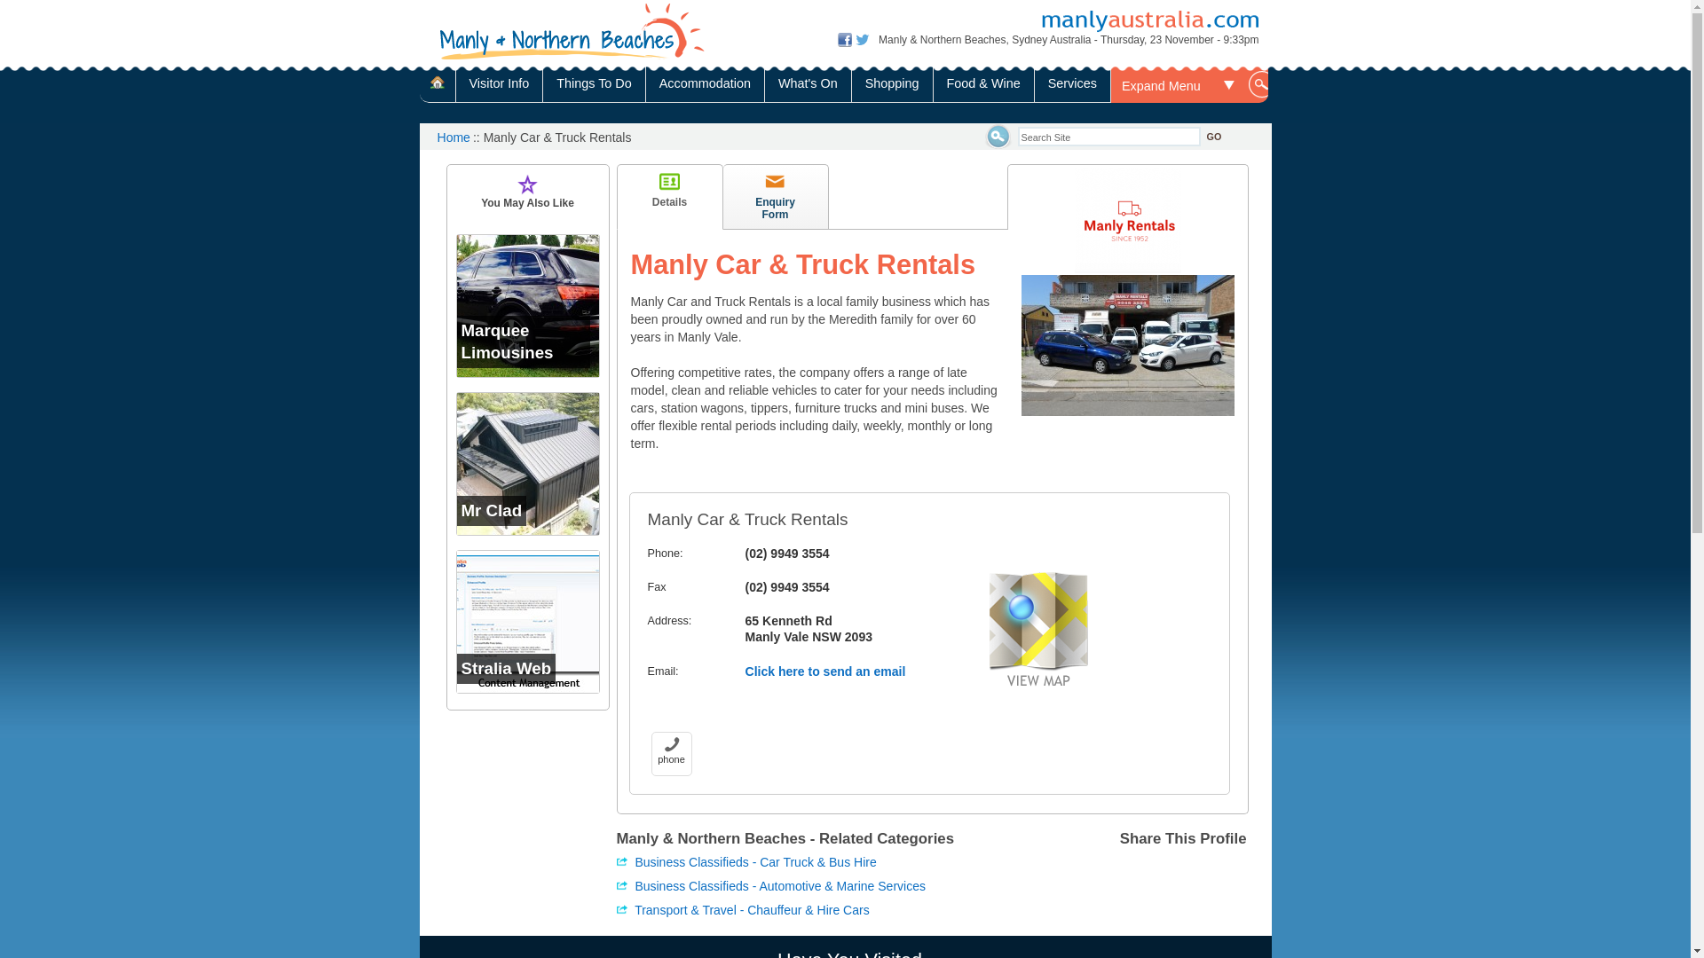 The image size is (1704, 958). I want to click on 'Enquiry, so click(775, 196).